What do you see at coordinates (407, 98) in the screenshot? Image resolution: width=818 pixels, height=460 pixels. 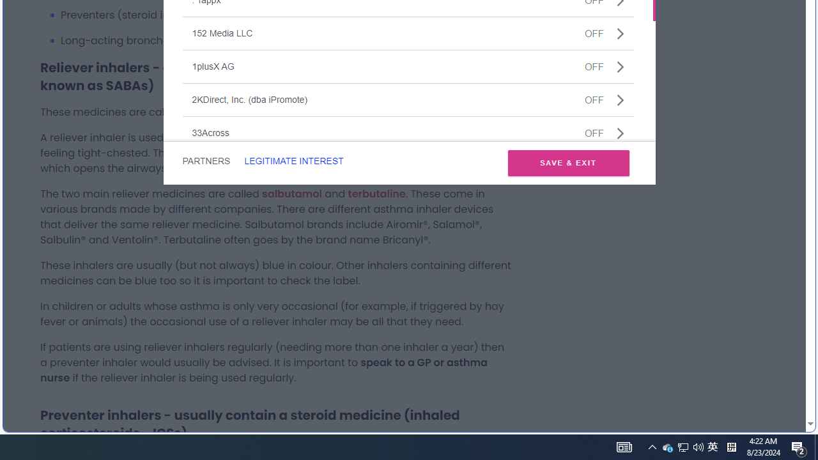 I see `'2KDirect, Inc. (dba iPromote)OFF'` at bounding box center [407, 98].